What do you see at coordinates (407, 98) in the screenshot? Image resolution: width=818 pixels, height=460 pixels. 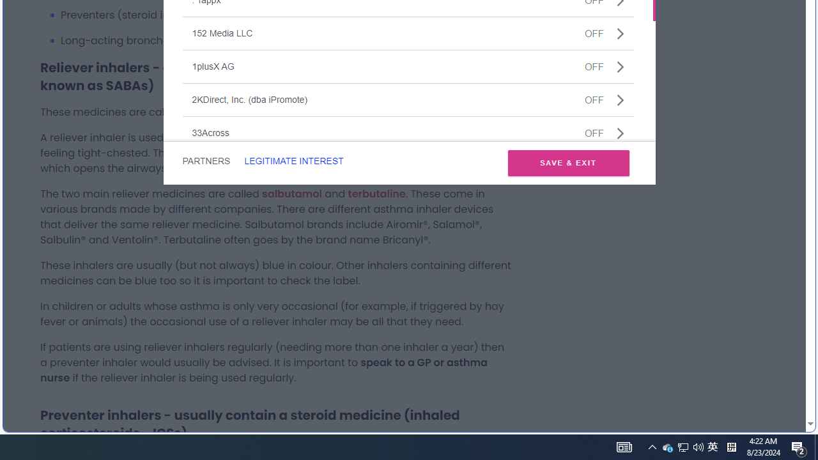 I see `'2KDirect, Inc. (dba iPromote)OFF'` at bounding box center [407, 98].